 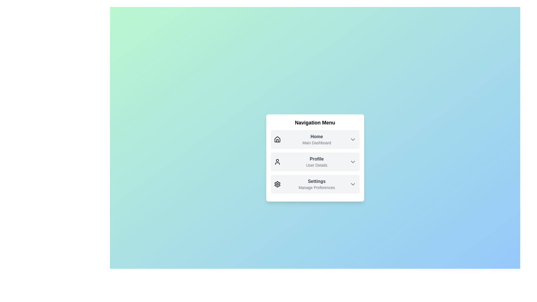 I want to click on the menu item Home to navigate, so click(x=315, y=139).